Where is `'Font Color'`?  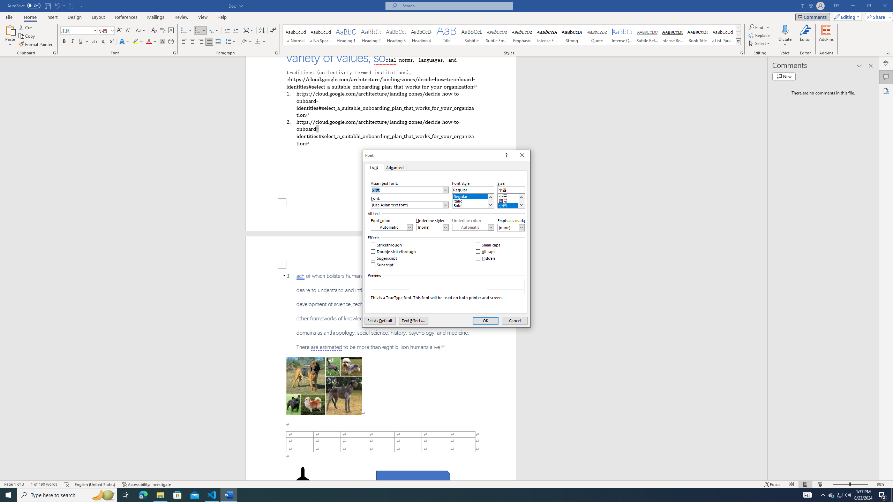
'Font Color' is located at coordinates (151, 41).